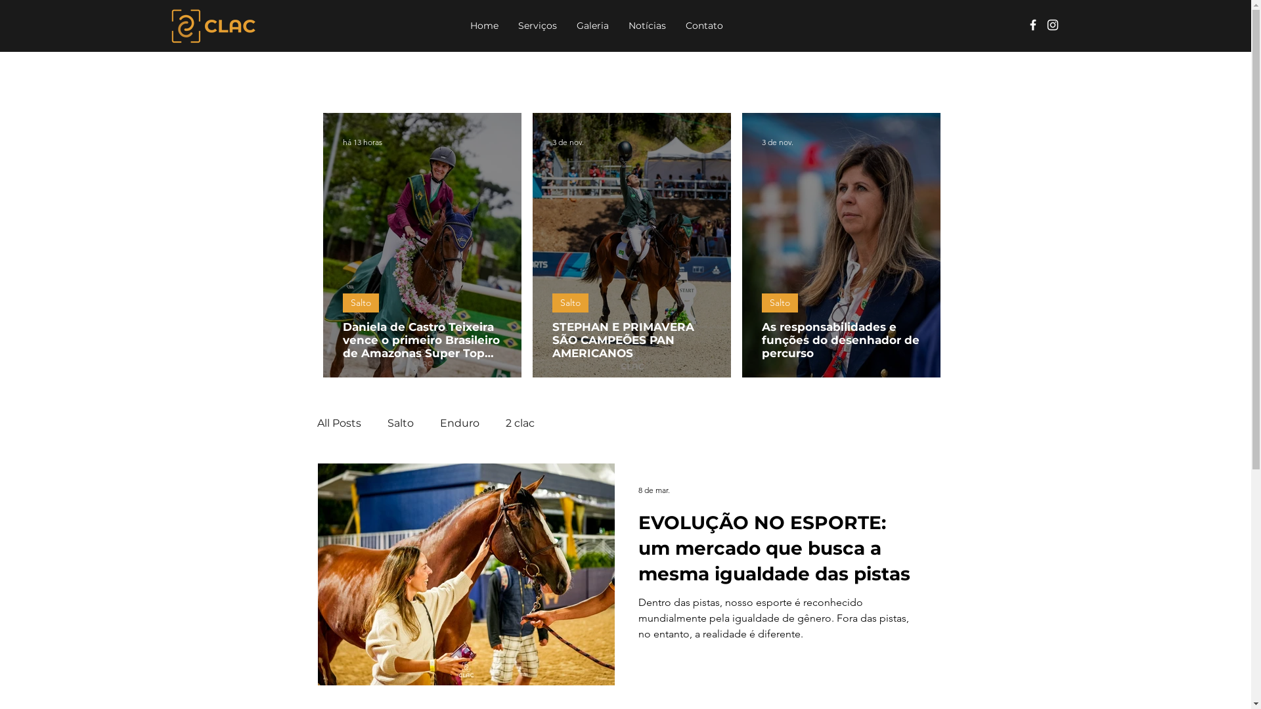  Describe the element at coordinates (399, 423) in the screenshot. I see `'Salto'` at that location.